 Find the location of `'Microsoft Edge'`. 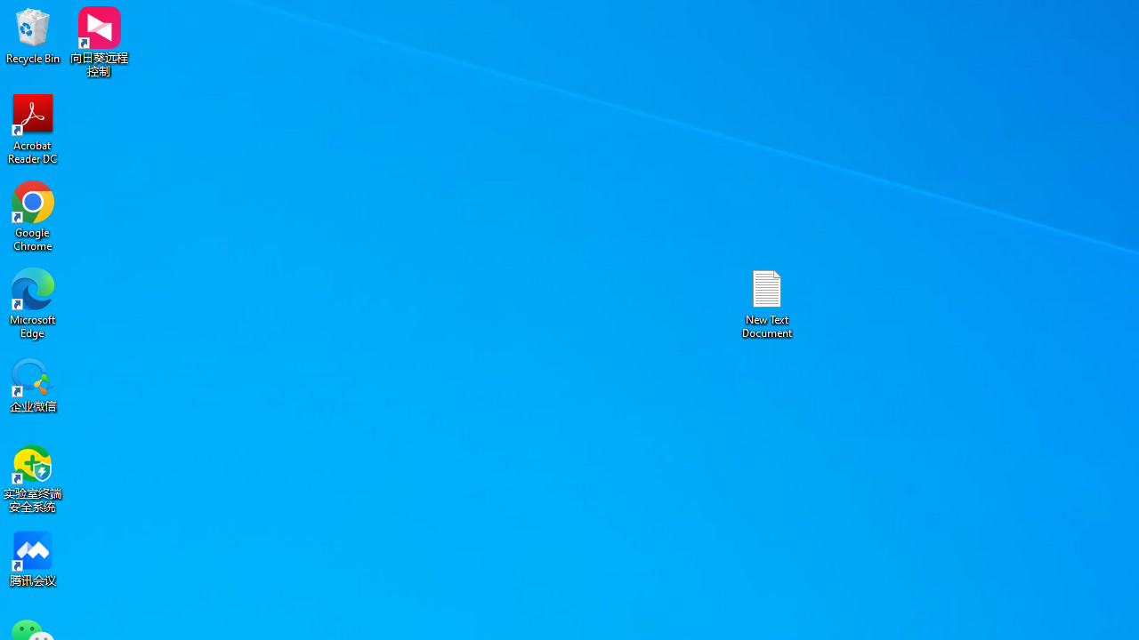

'Microsoft Edge' is located at coordinates (33, 302).